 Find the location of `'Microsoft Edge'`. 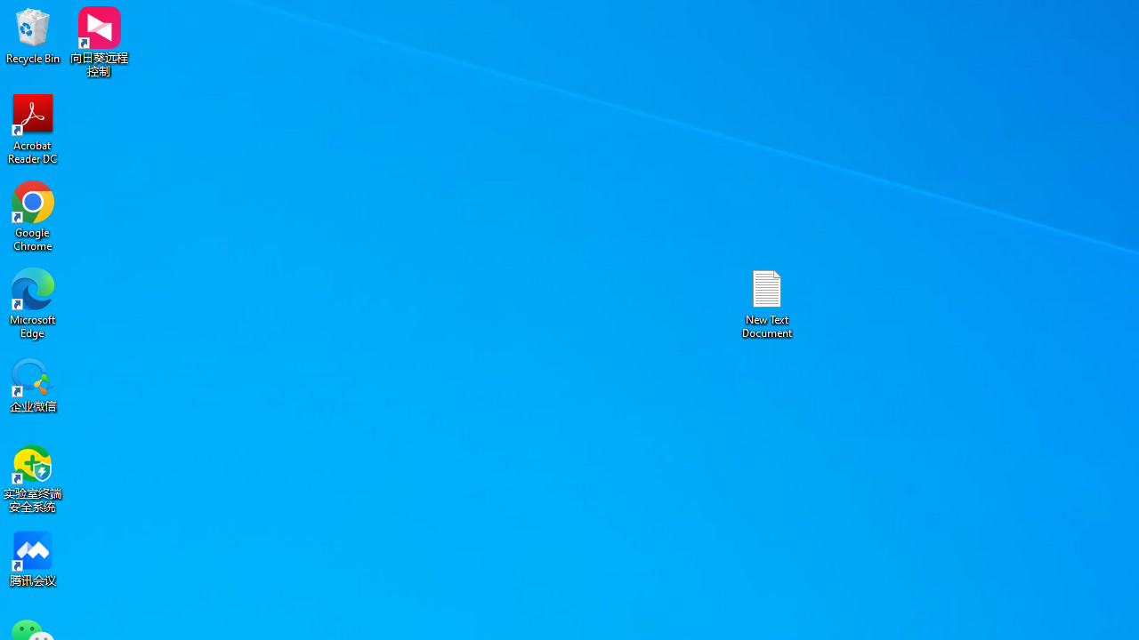

'Microsoft Edge' is located at coordinates (33, 302).